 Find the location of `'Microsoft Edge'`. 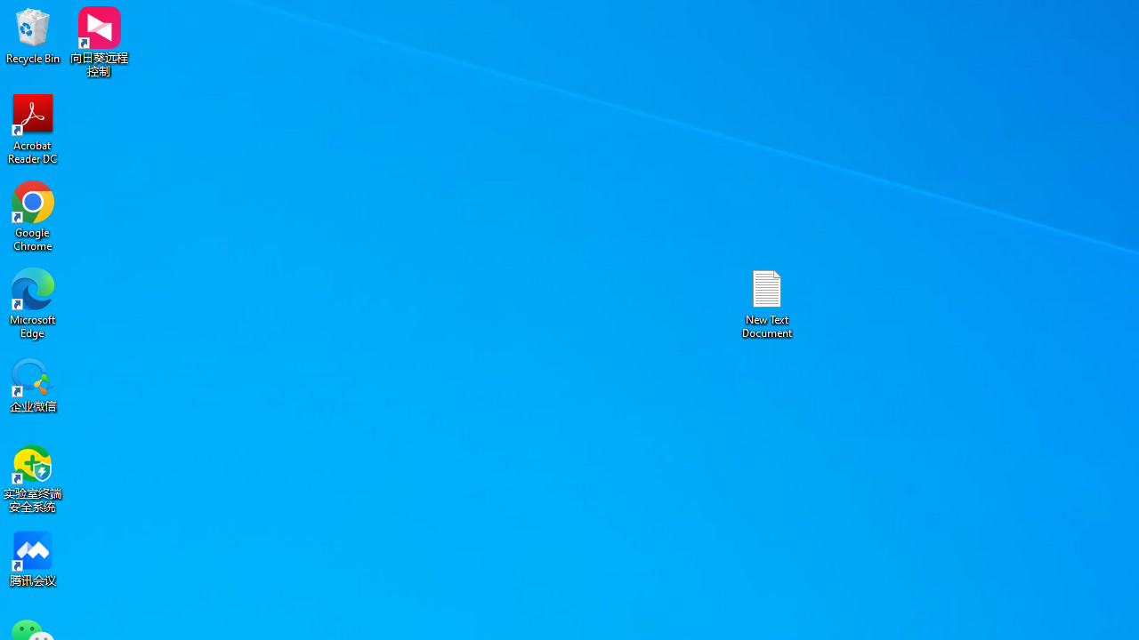

'Microsoft Edge' is located at coordinates (33, 302).